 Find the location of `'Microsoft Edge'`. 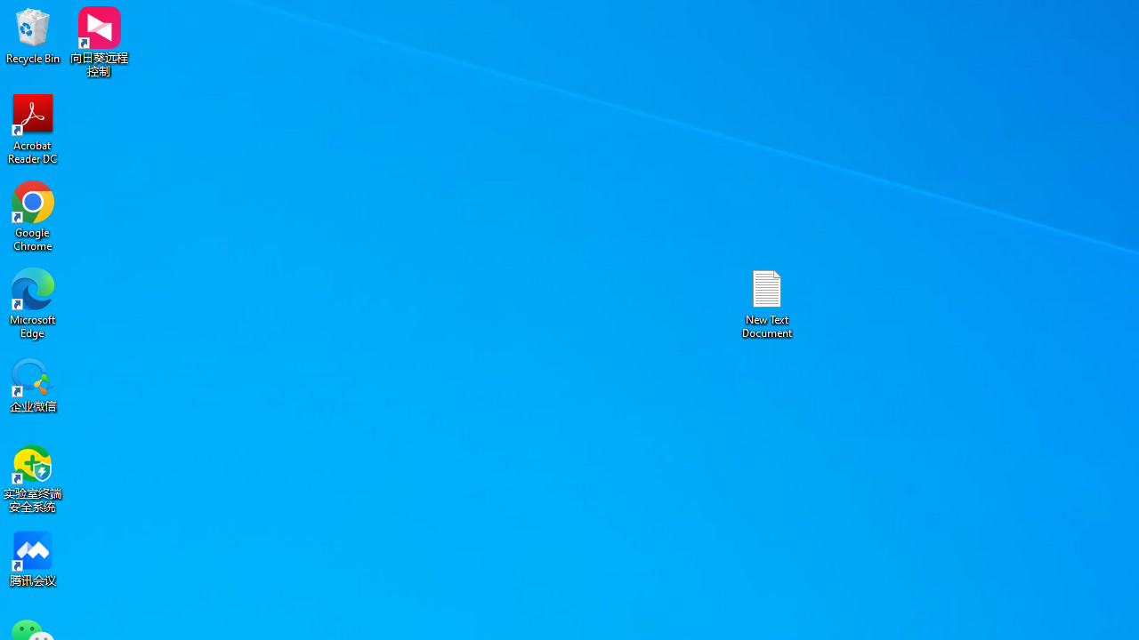

'Microsoft Edge' is located at coordinates (33, 302).